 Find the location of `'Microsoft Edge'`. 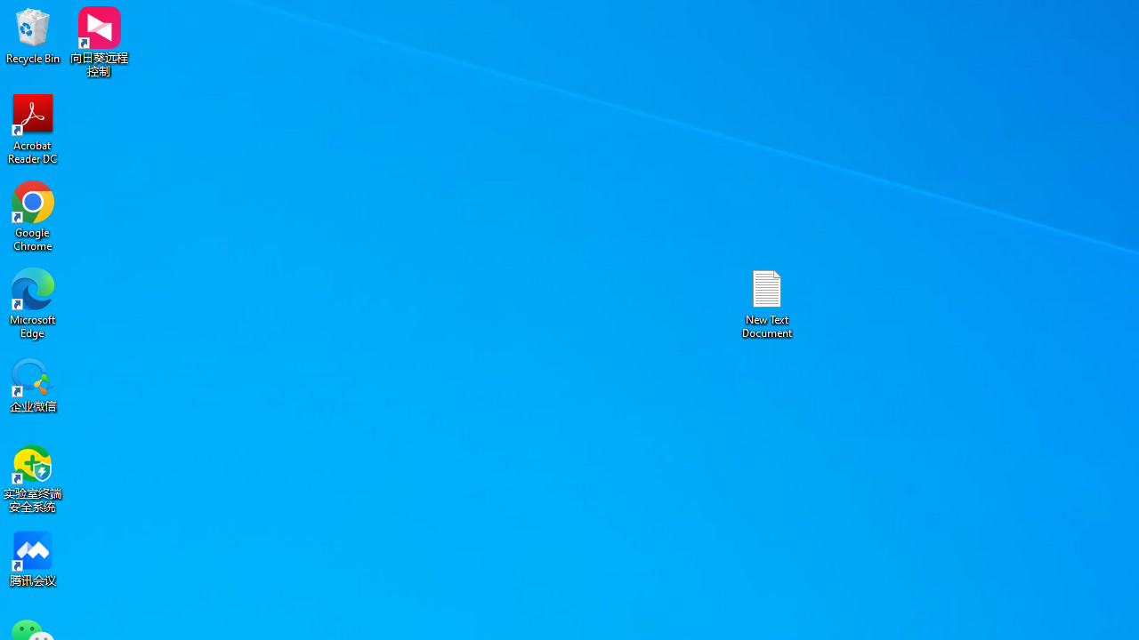

'Microsoft Edge' is located at coordinates (33, 302).